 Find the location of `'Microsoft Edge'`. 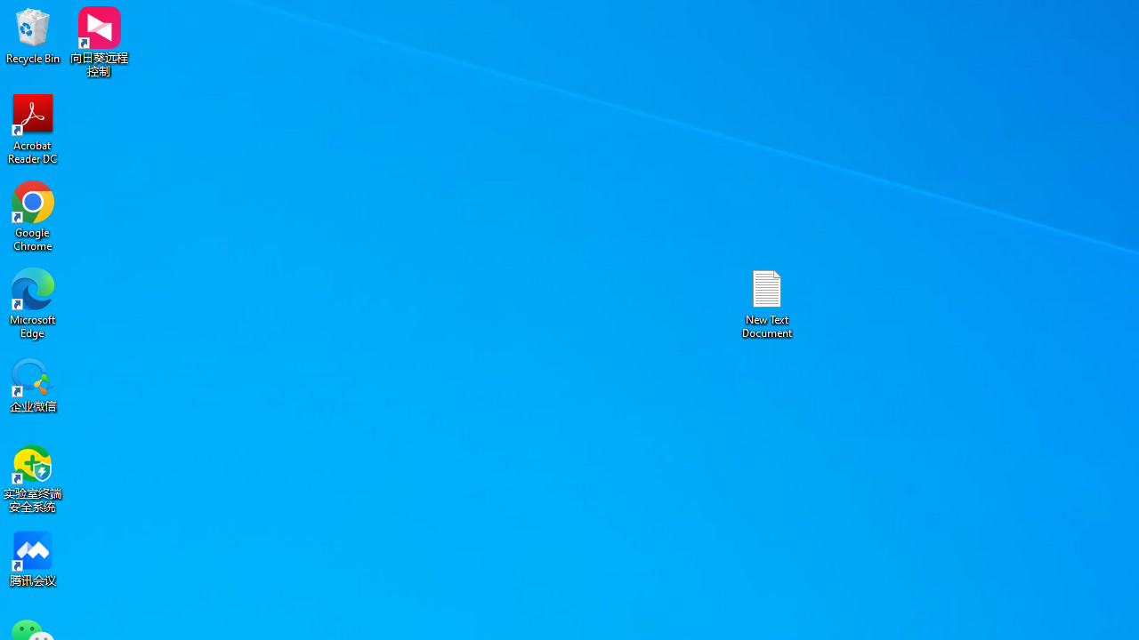

'Microsoft Edge' is located at coordinates (33, 302).